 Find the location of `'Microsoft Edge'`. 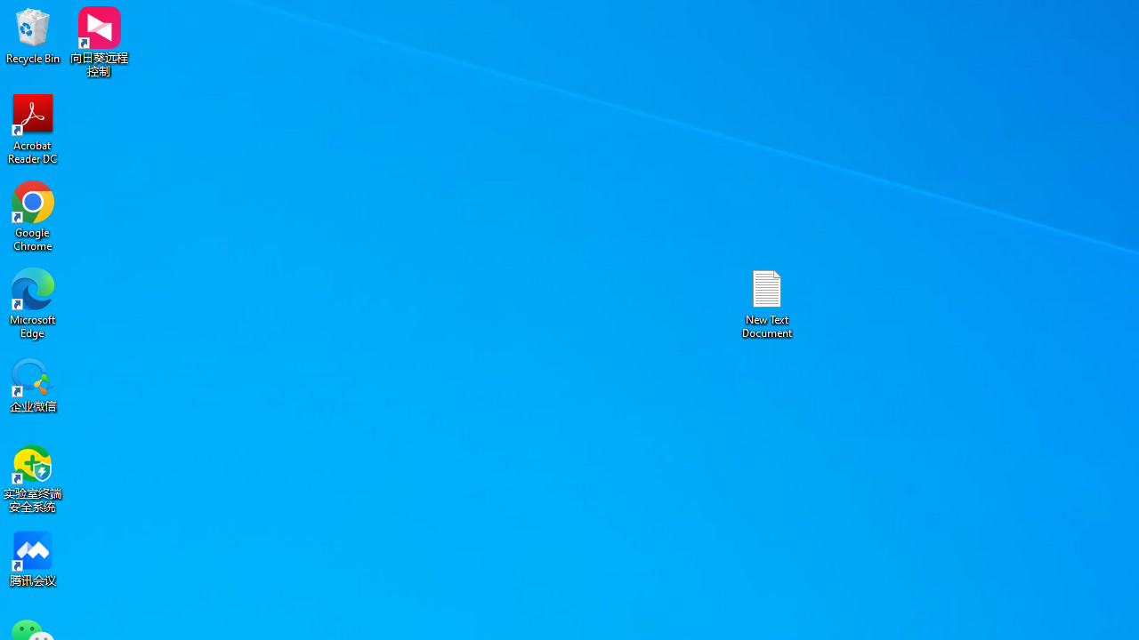

'Microsoft Edge' is located at coordinates (33, 302).